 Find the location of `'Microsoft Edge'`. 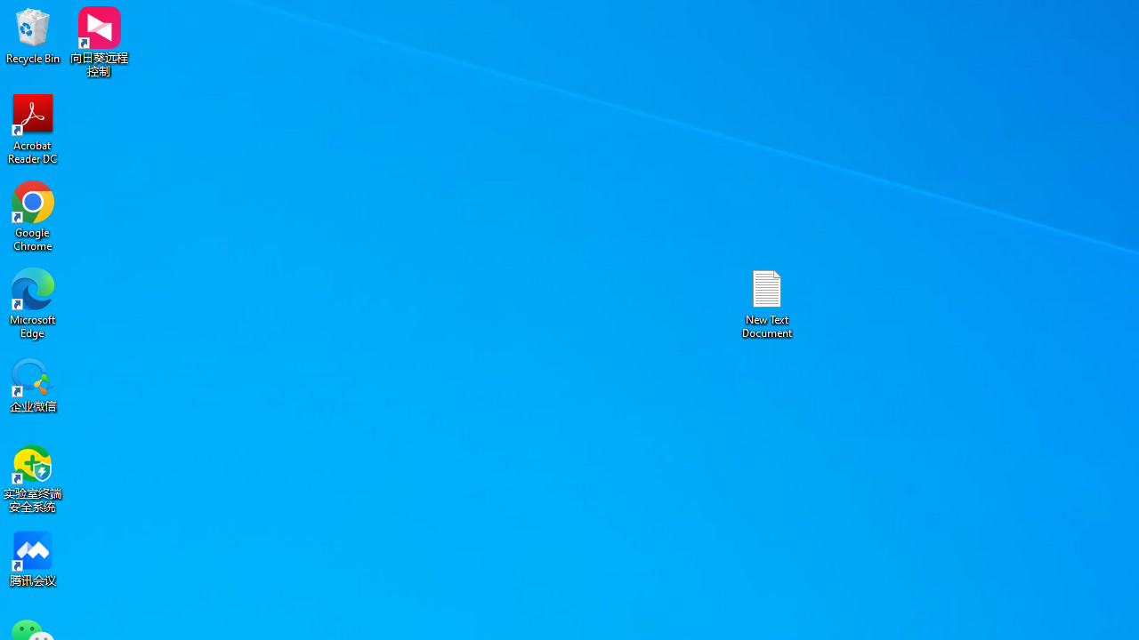

'Microsoft Edge' is located at coordinates (33, 302).